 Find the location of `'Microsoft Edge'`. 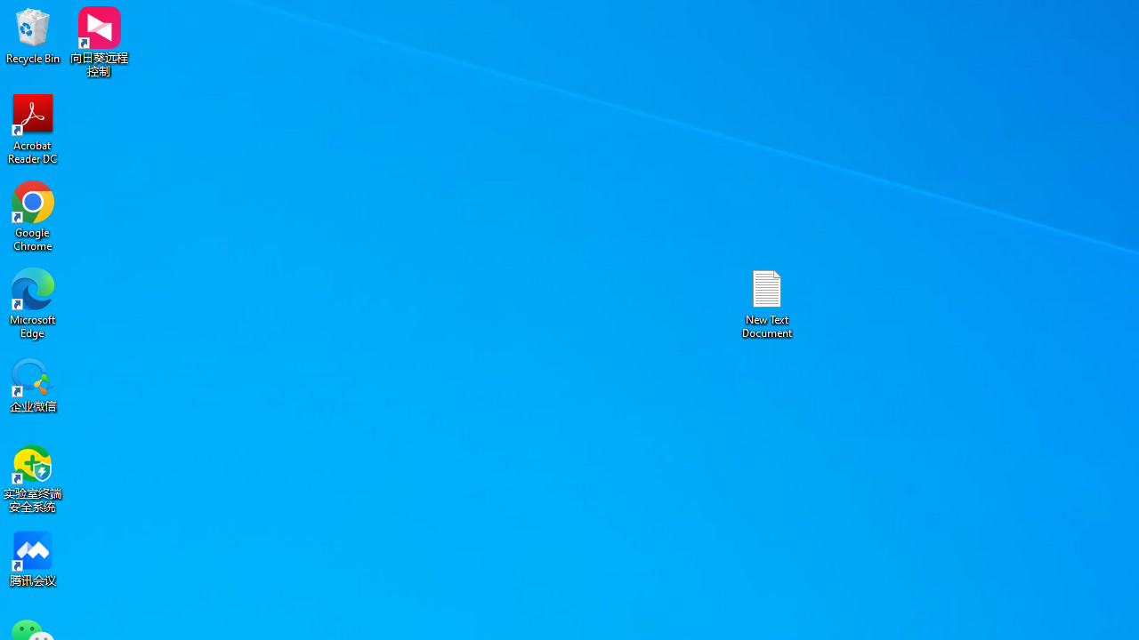

'Microsoft Edge' is located at coordinates (33, 302).